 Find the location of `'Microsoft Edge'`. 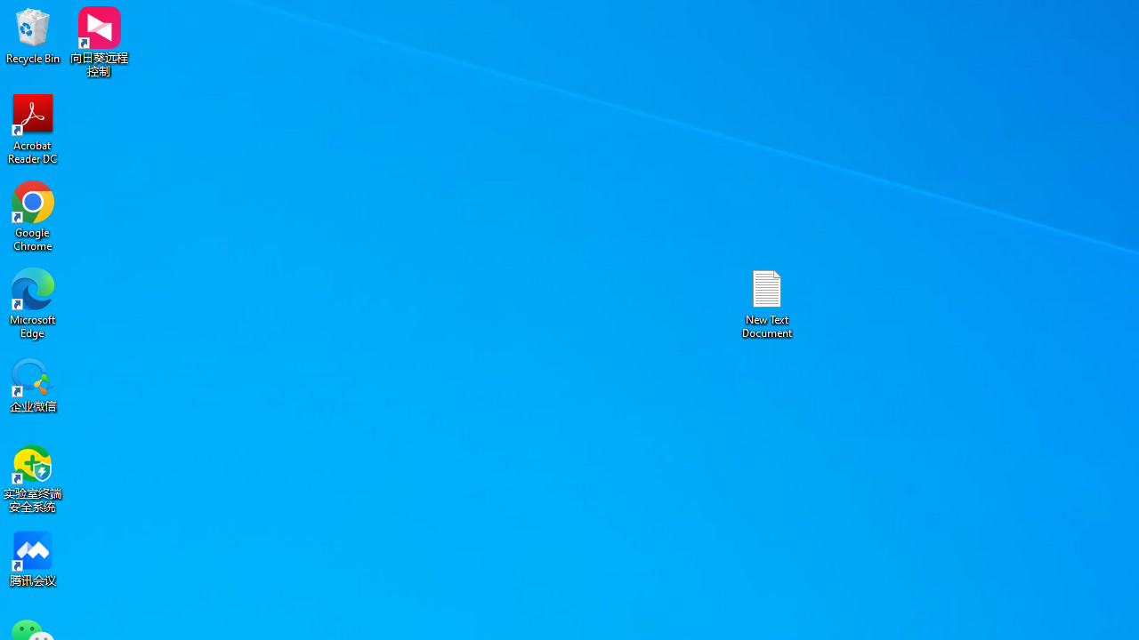

'Microsoft Edge' is located at coordinates (33, 302).